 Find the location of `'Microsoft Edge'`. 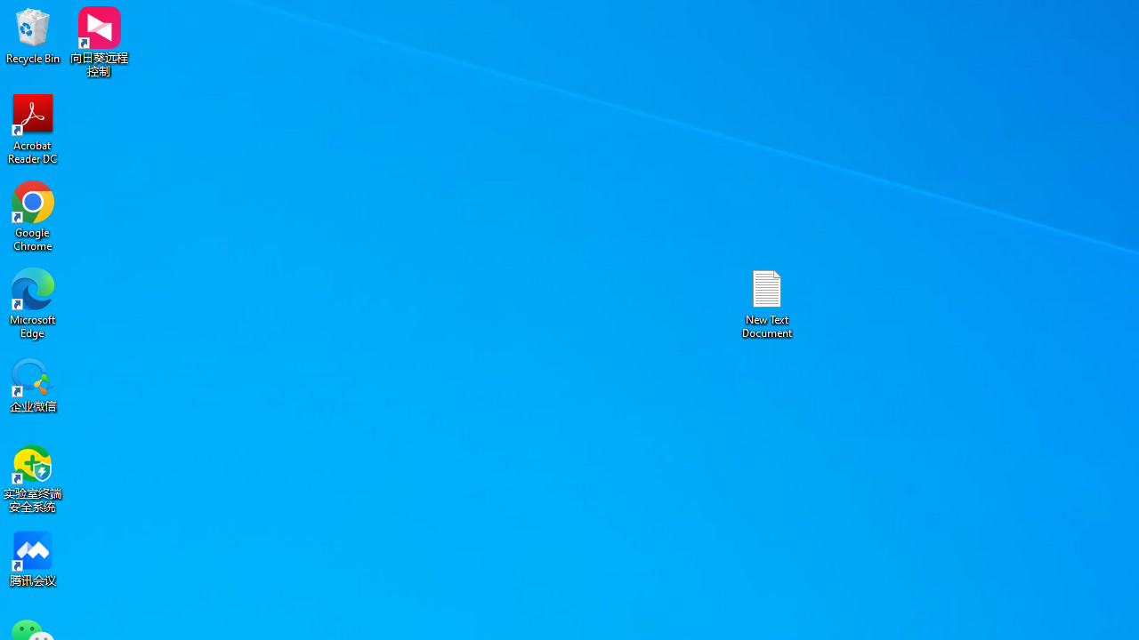

'Microsoft Edge' is located at coordinates (33, 302).